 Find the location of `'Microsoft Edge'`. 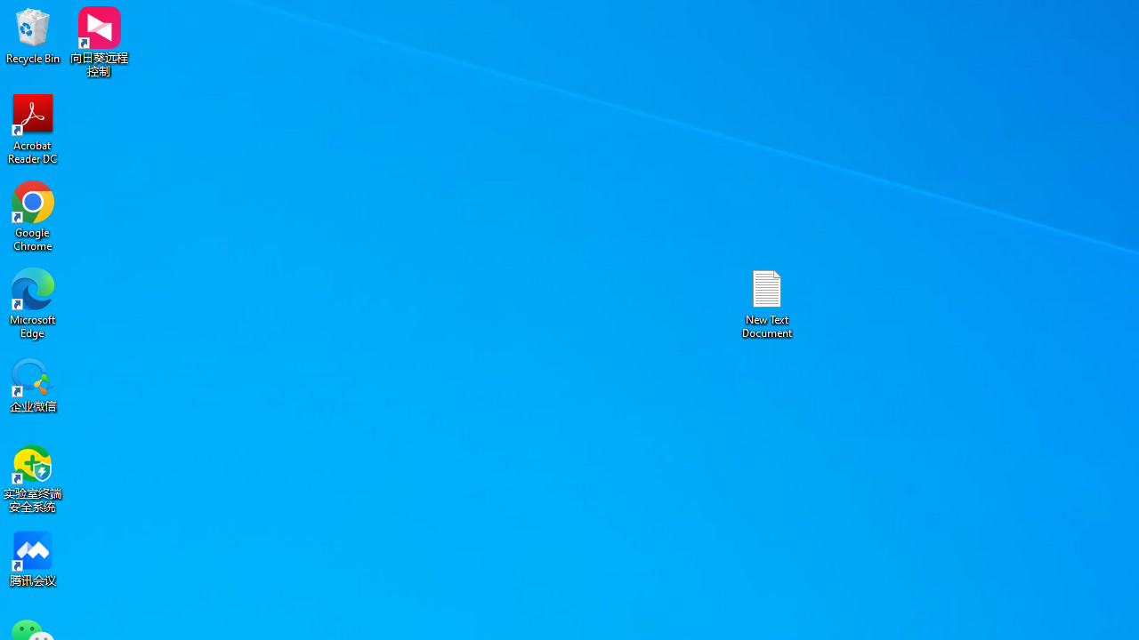

'Microsoft Edge' is located at coordinates (33, 302).